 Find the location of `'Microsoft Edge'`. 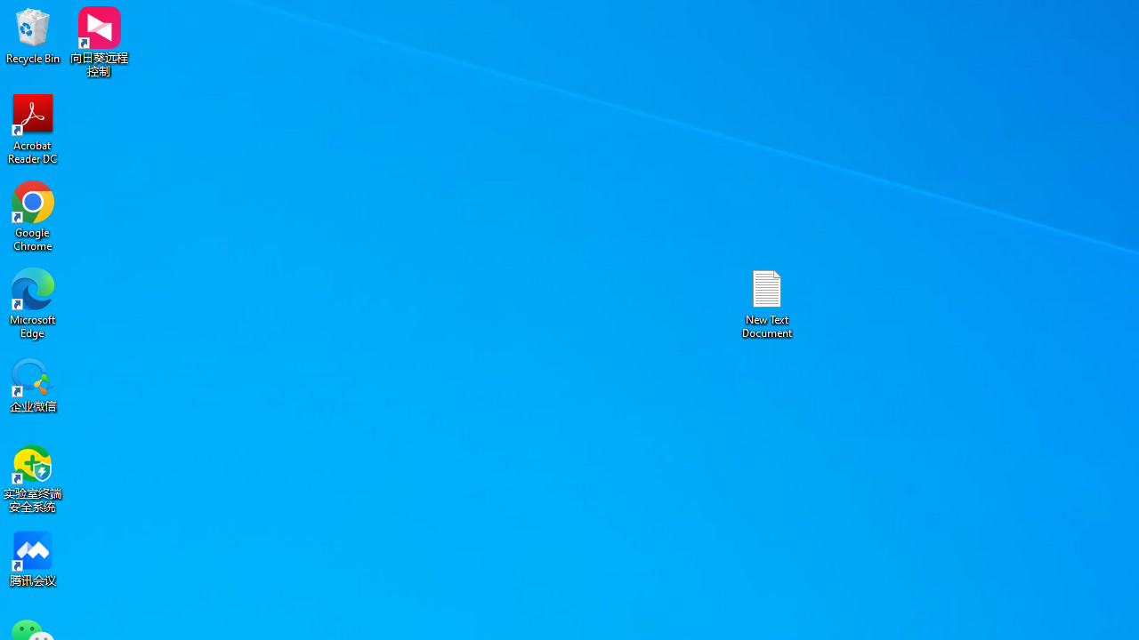

'Microsoft Edge' is located at coordinates (33, 302).